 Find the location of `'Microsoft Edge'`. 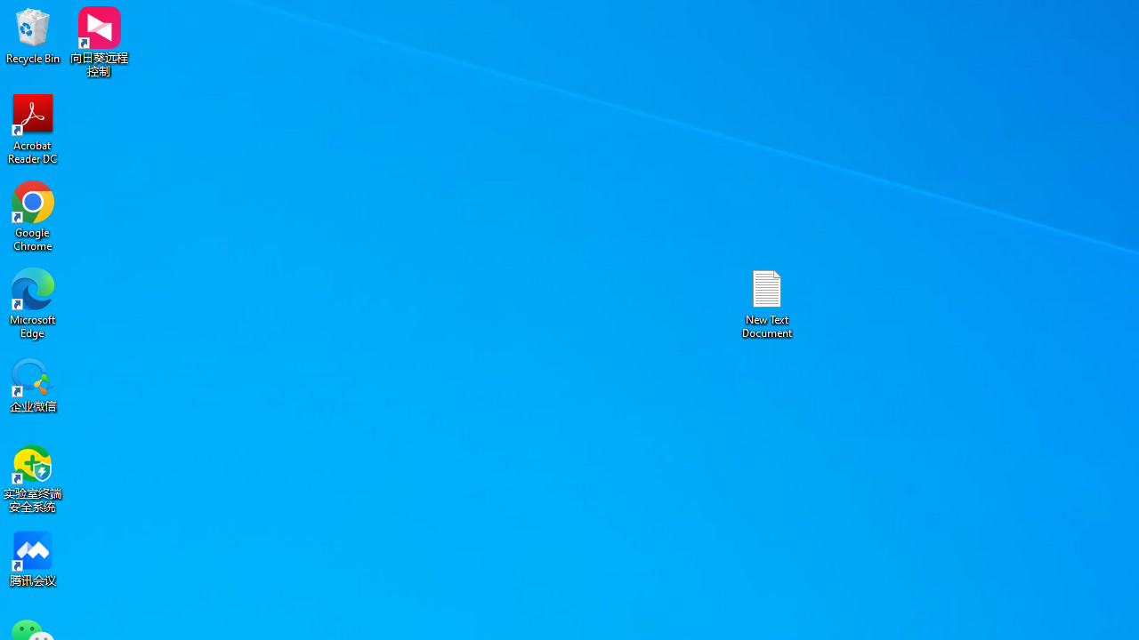

'Microsoft Edge' is located at coordinates (33, 302).